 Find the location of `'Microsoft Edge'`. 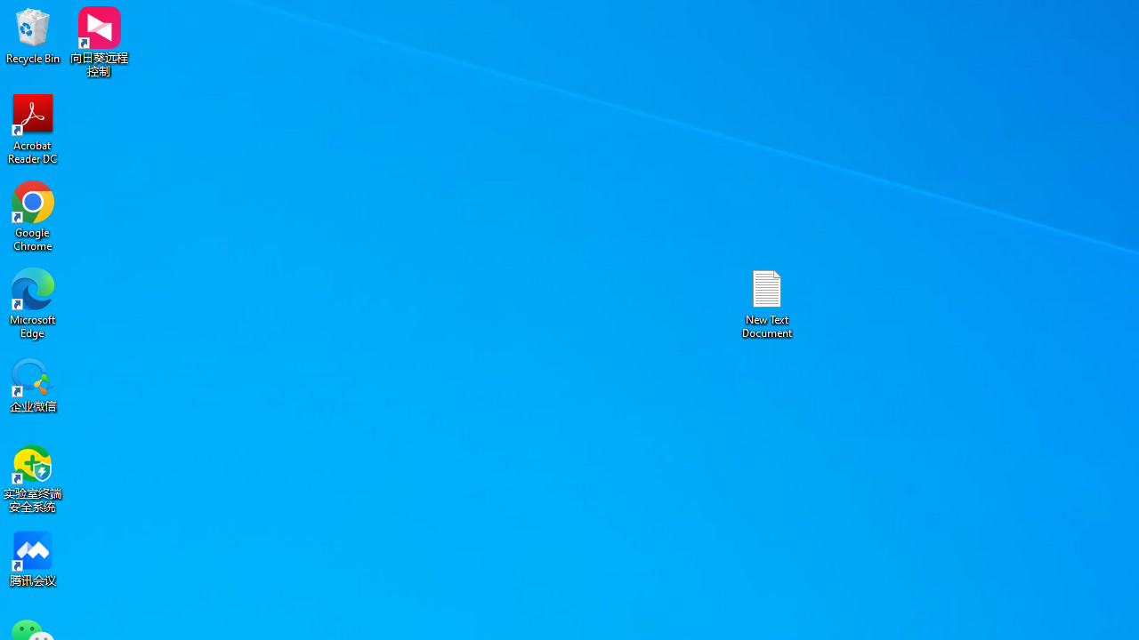

'Microsoft Edge' is located at coordinates (33, 302).